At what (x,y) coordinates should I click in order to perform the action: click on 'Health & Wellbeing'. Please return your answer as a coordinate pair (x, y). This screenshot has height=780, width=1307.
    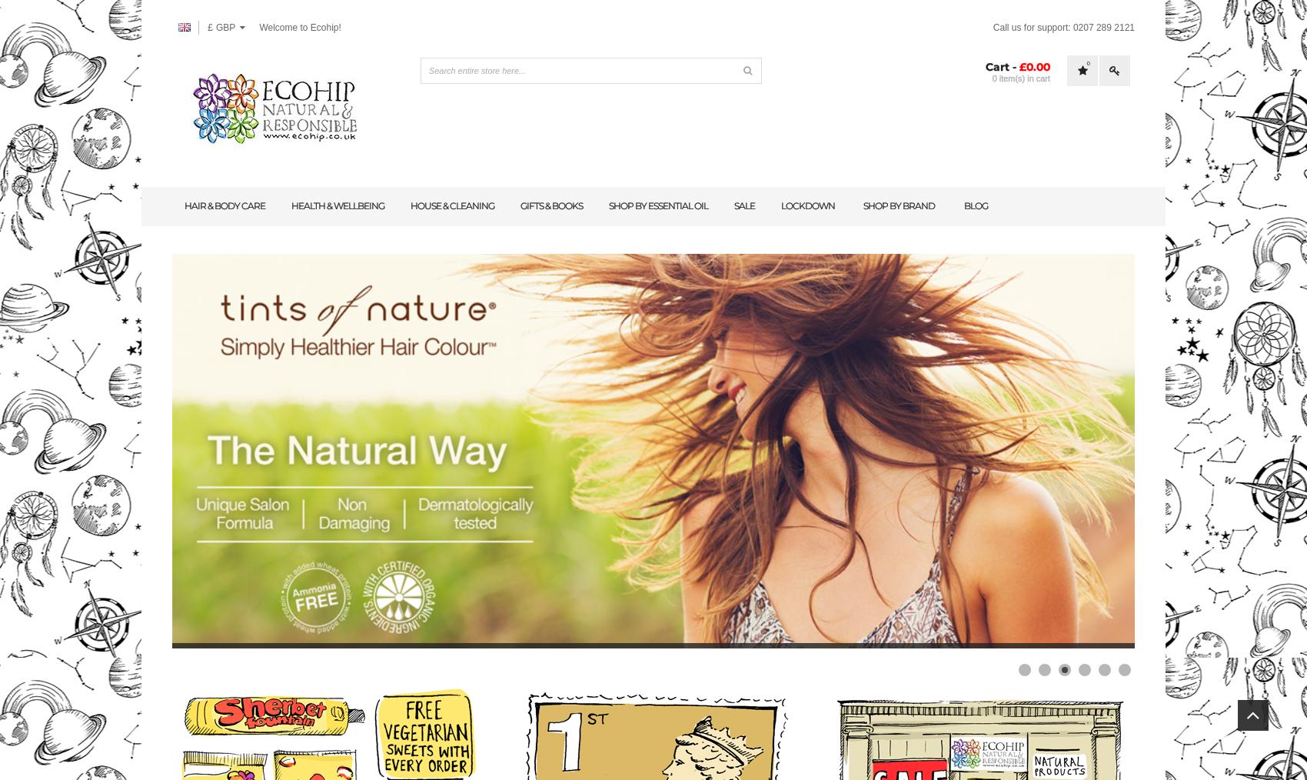
    Looking at the image, I should click on (338, 205).